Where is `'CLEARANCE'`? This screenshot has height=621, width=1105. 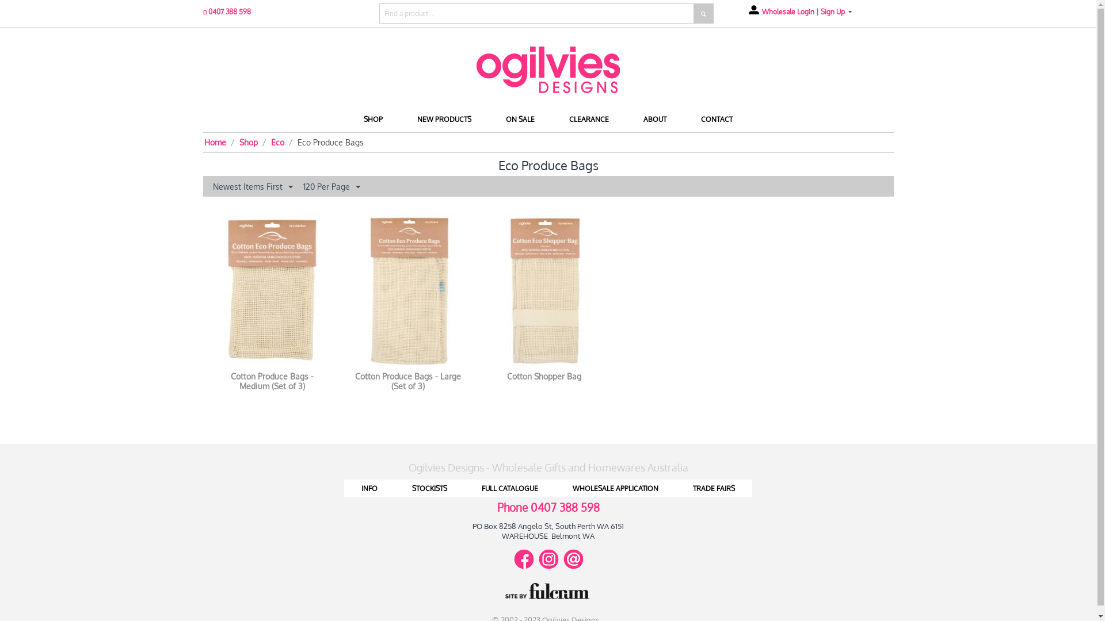 'CLEARANCE' is located at coordinates (589, 119).